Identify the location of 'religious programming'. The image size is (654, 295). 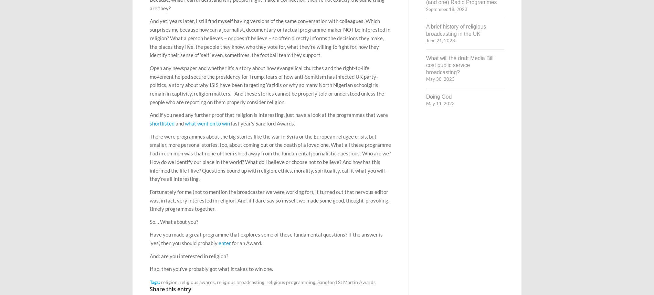
(290, 281).